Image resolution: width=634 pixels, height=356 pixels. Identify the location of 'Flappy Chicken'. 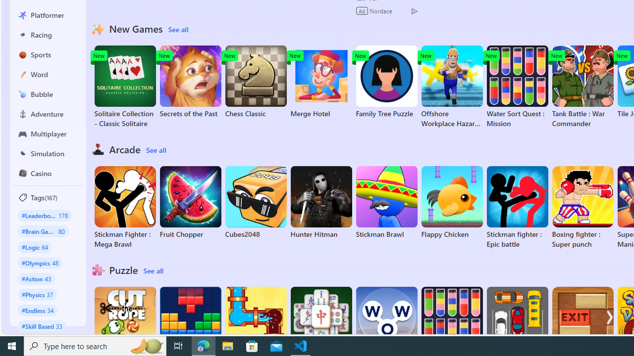
(451, 202).